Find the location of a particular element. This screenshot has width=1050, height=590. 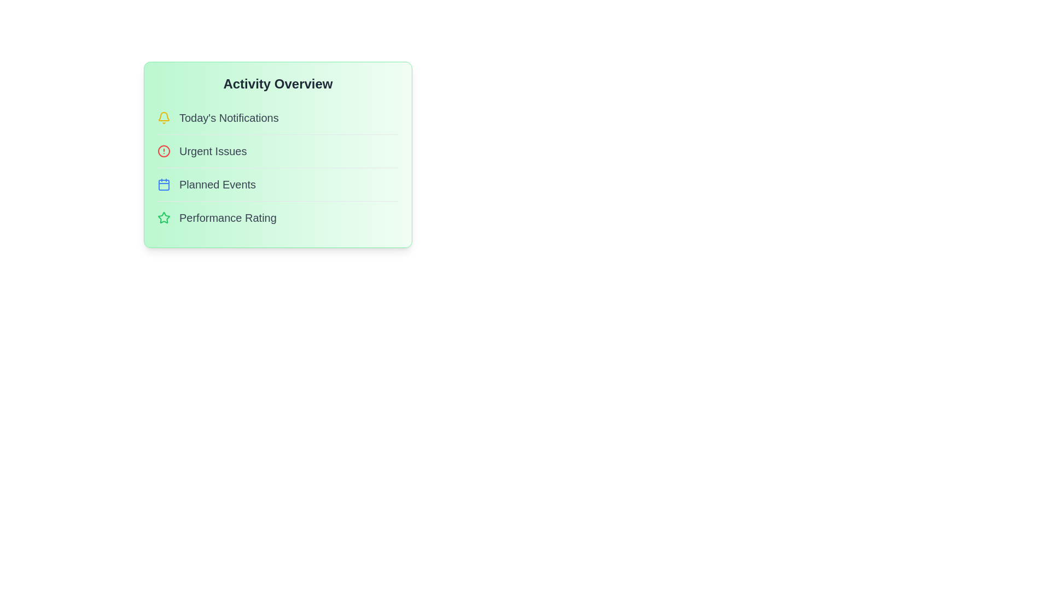

the 'Planned Events' list item with a blue calendar icon for keyboard interaction is located at coordinates (278, 184).